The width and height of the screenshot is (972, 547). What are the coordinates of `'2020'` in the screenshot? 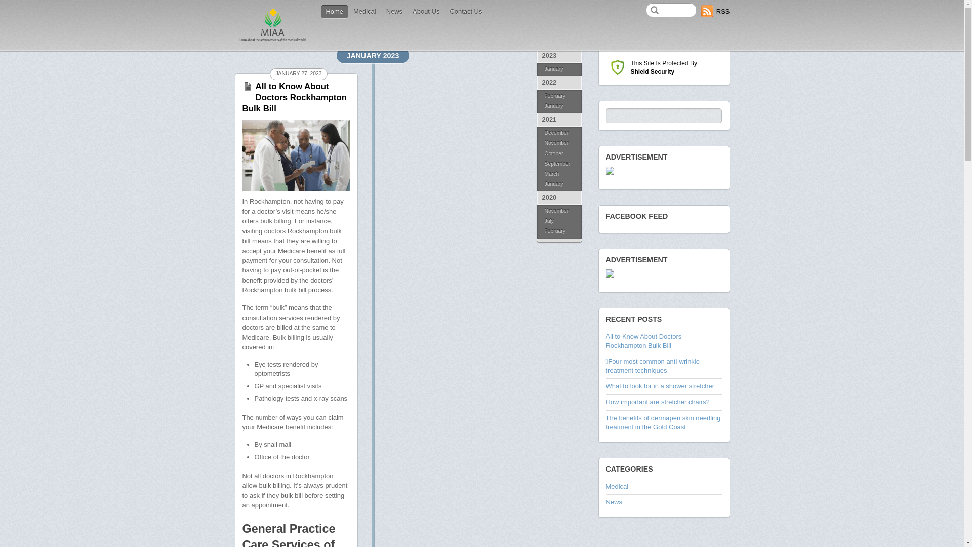 It's located at (558, 198).